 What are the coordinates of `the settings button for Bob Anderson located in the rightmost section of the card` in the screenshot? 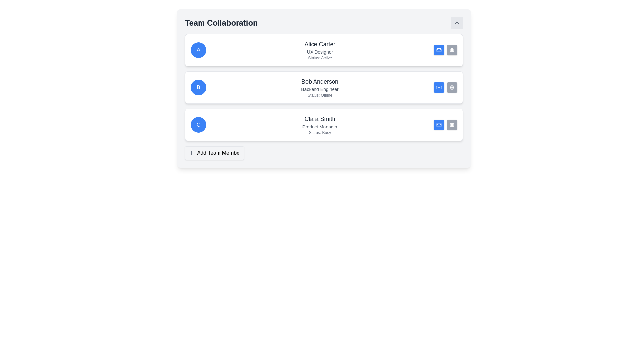 It's located at (451, 87).